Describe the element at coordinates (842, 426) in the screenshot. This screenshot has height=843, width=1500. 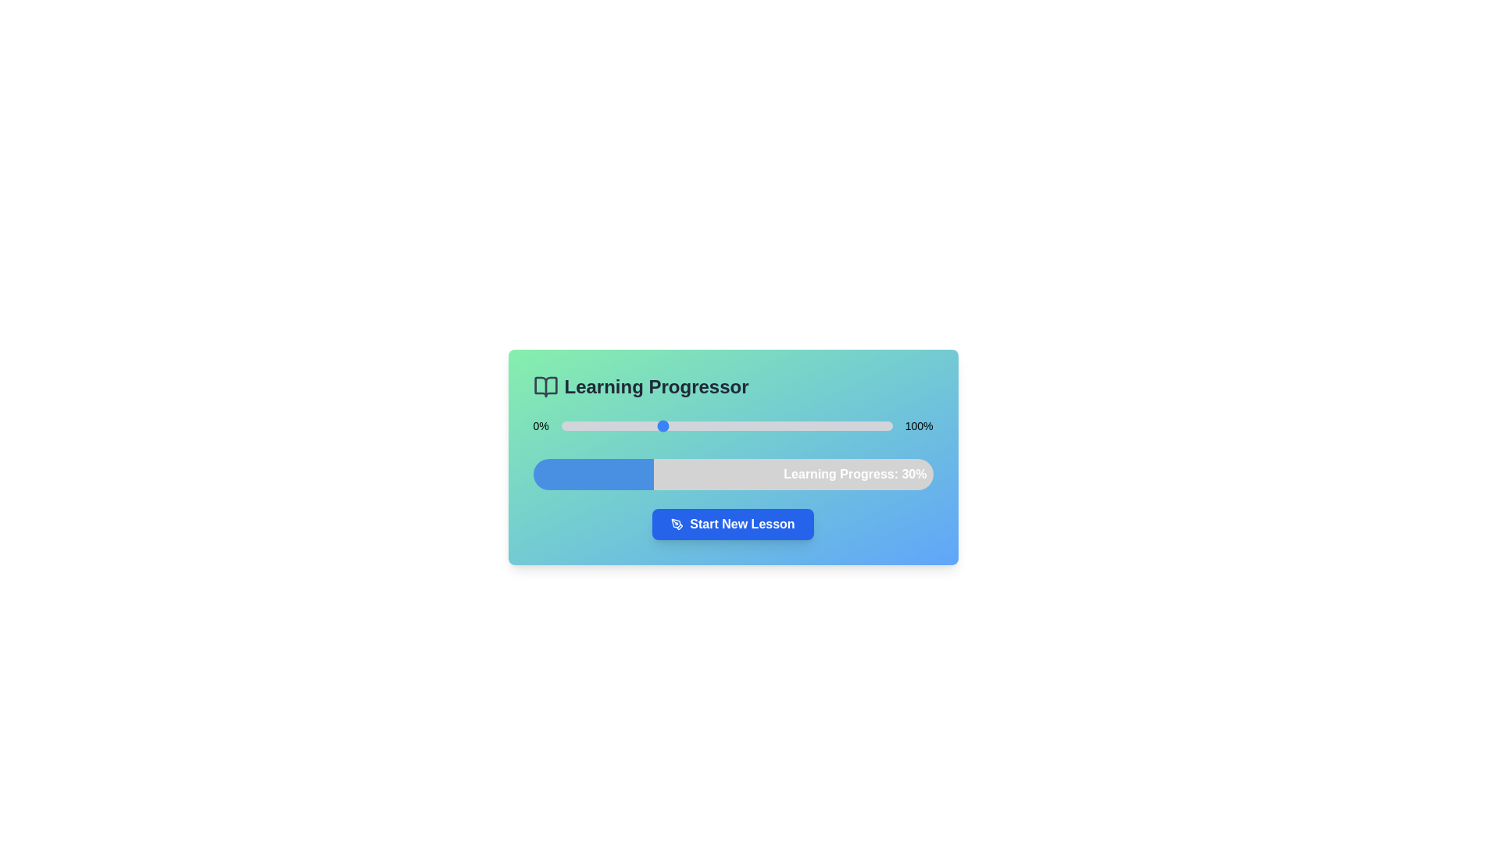
I see `the progress slider to set the progress to 85%` at that location.